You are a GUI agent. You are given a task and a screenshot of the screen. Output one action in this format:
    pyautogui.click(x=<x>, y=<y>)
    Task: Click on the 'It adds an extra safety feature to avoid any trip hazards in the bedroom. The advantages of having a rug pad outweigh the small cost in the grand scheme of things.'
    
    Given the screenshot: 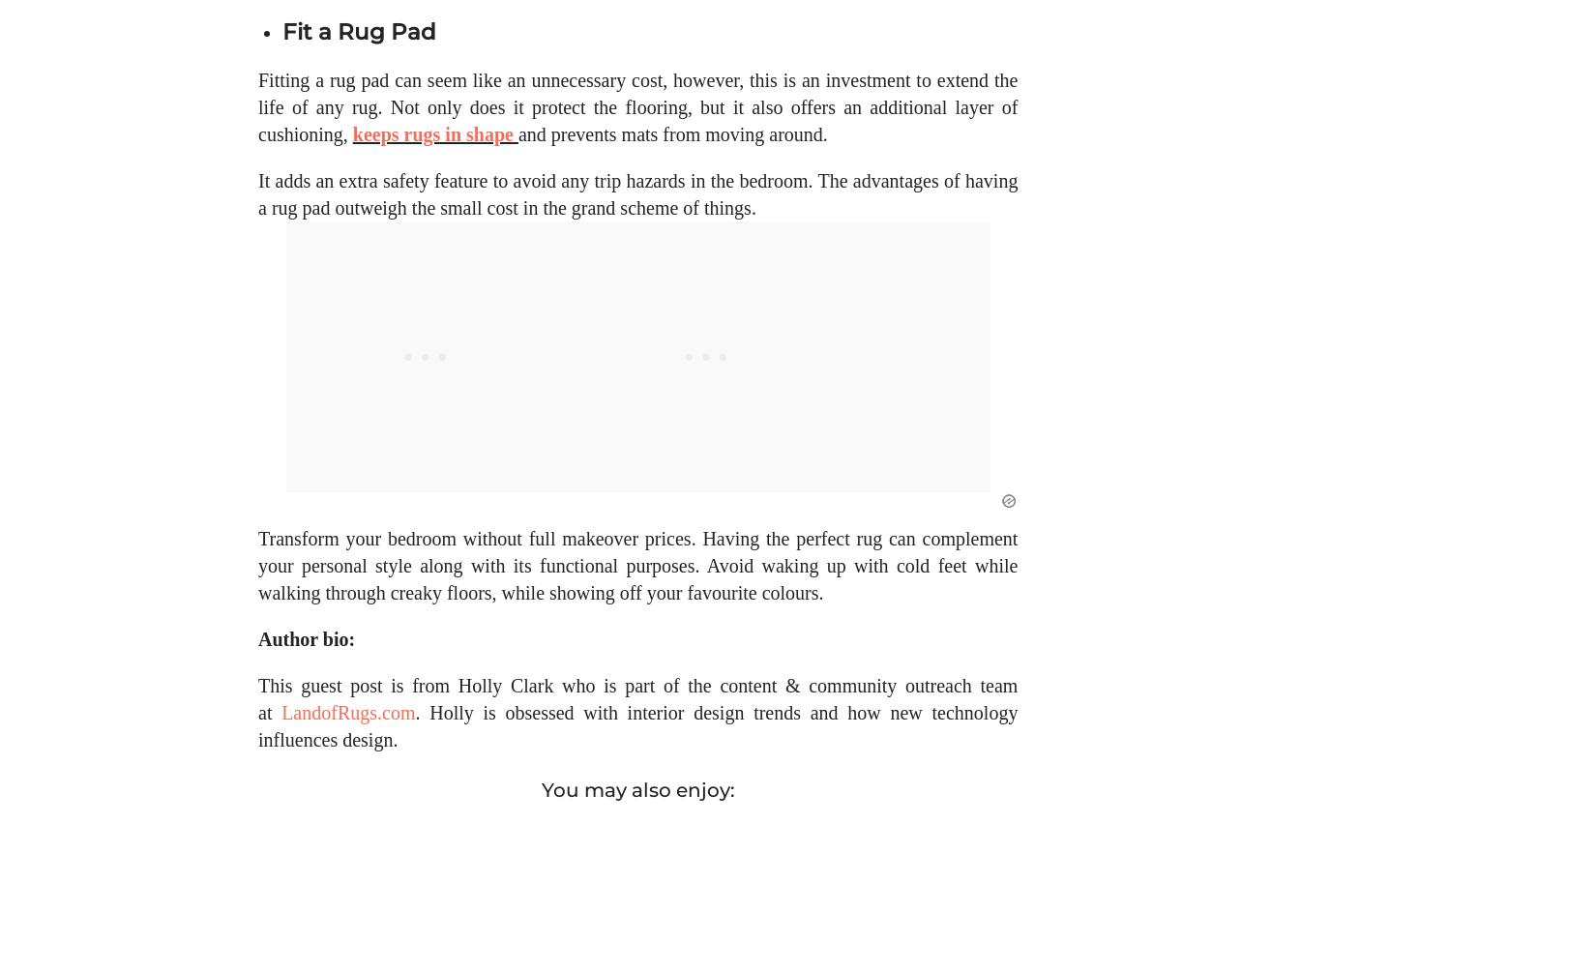 What is the action you would take?
    pyautogui.click(x=636, y=212)
    